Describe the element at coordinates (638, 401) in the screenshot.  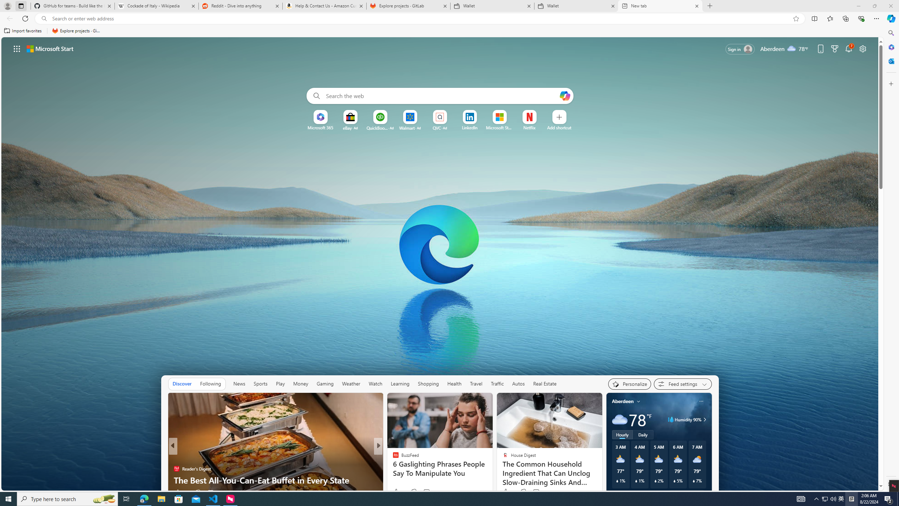
I see `'My location'` at that location.